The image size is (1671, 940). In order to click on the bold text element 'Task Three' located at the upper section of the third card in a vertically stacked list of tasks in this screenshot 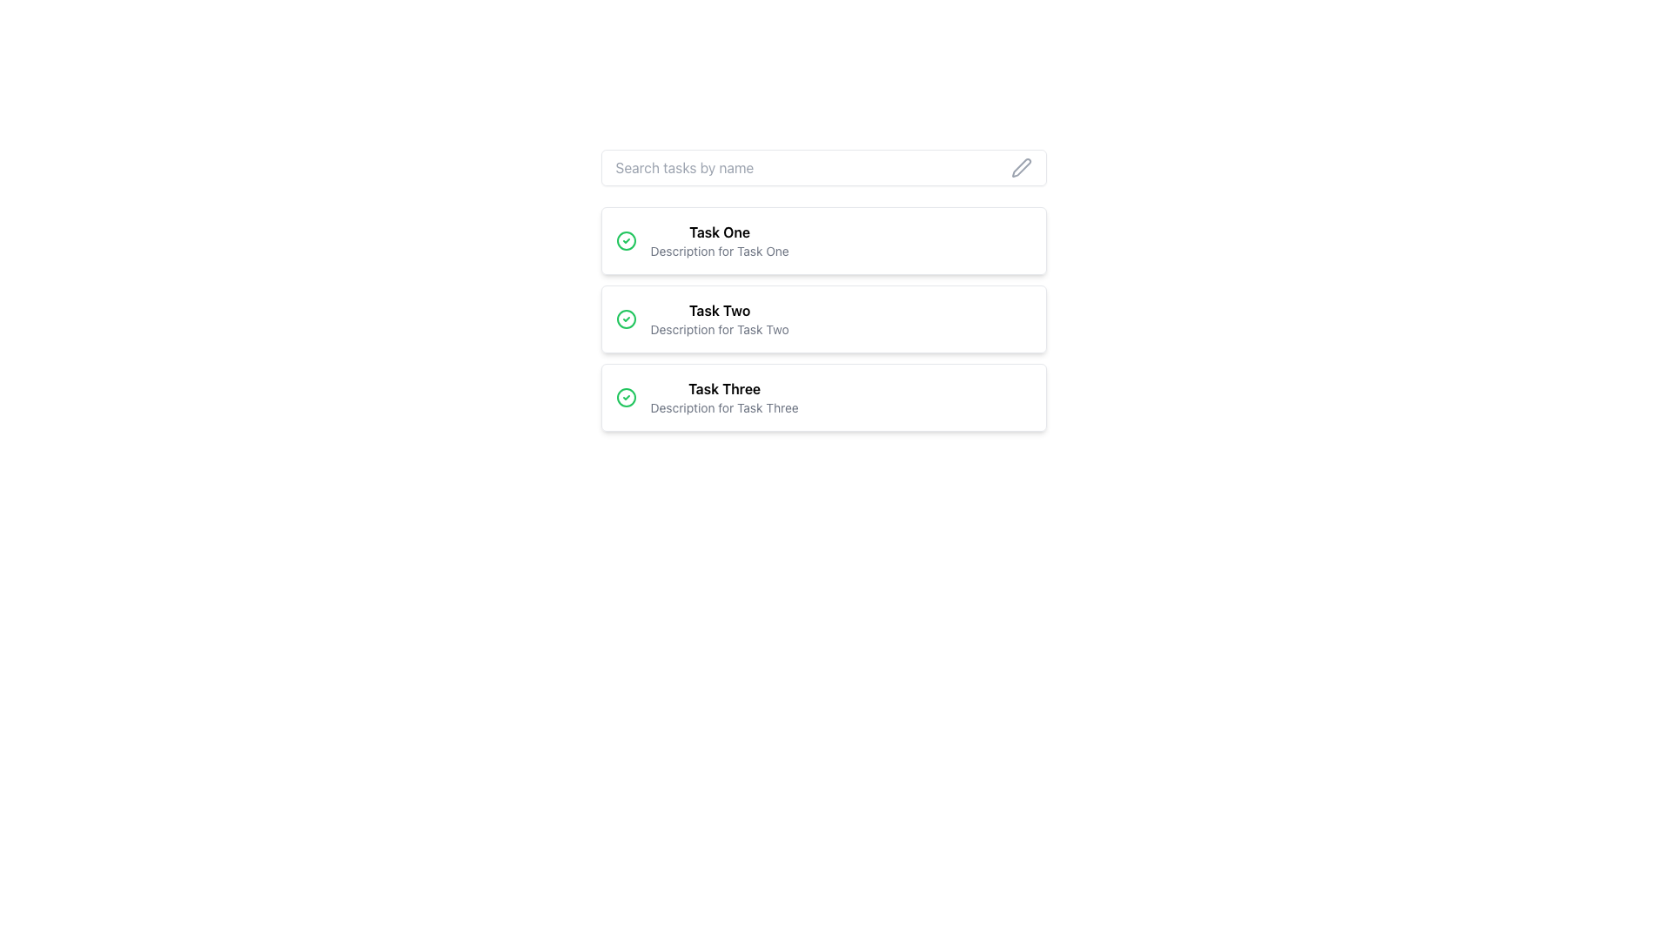, I will do `click(724, 388)`.